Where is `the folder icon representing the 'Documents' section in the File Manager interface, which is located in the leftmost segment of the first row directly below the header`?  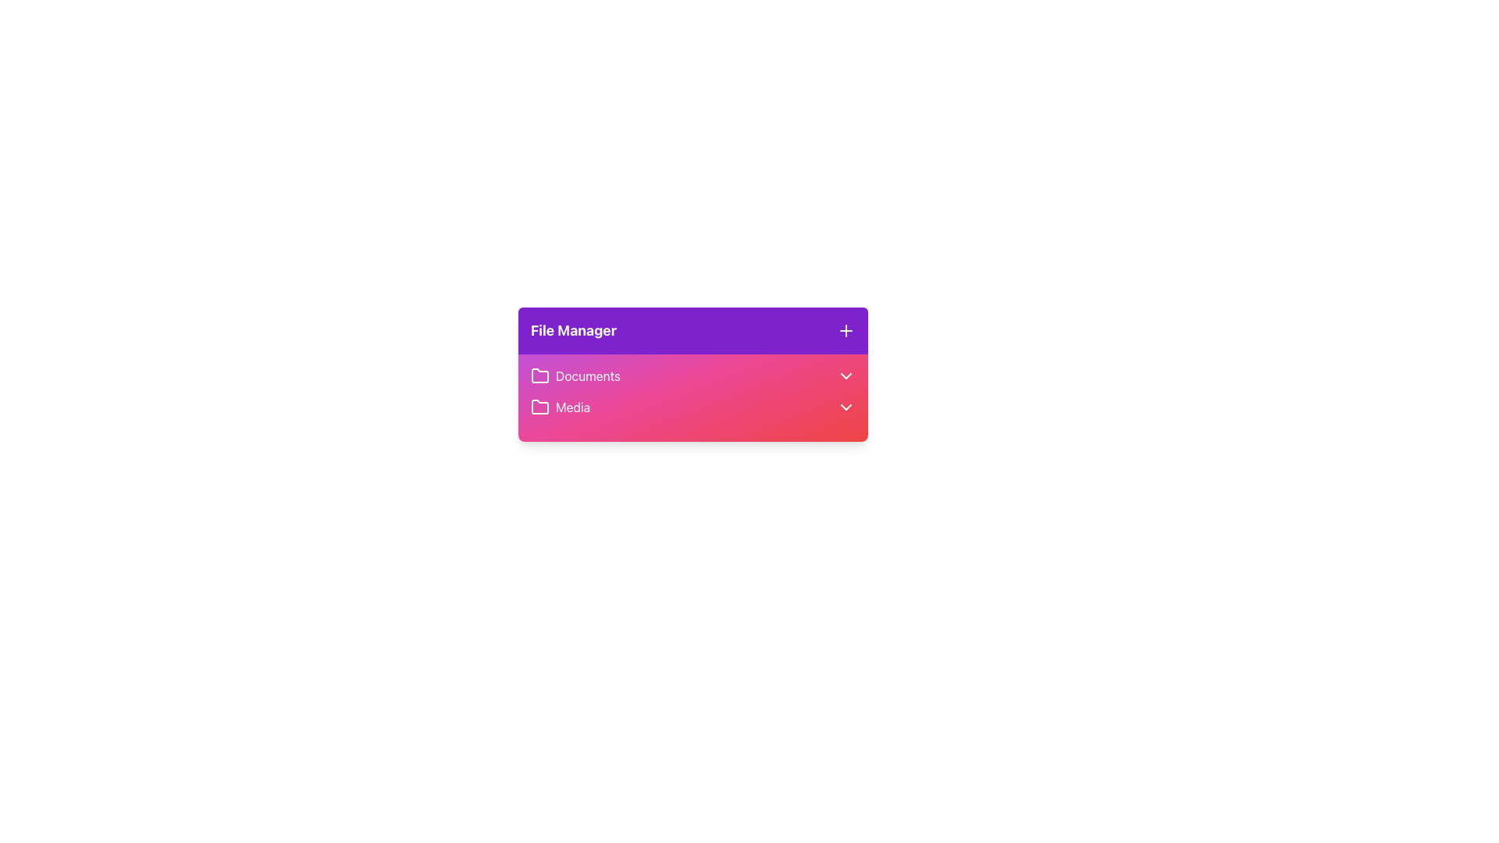 the folder icon representing the 'Documents' section in the File Manager interface, which is located in the leftmost segment of the first row directly below the header is located at coordinates (539, 376).